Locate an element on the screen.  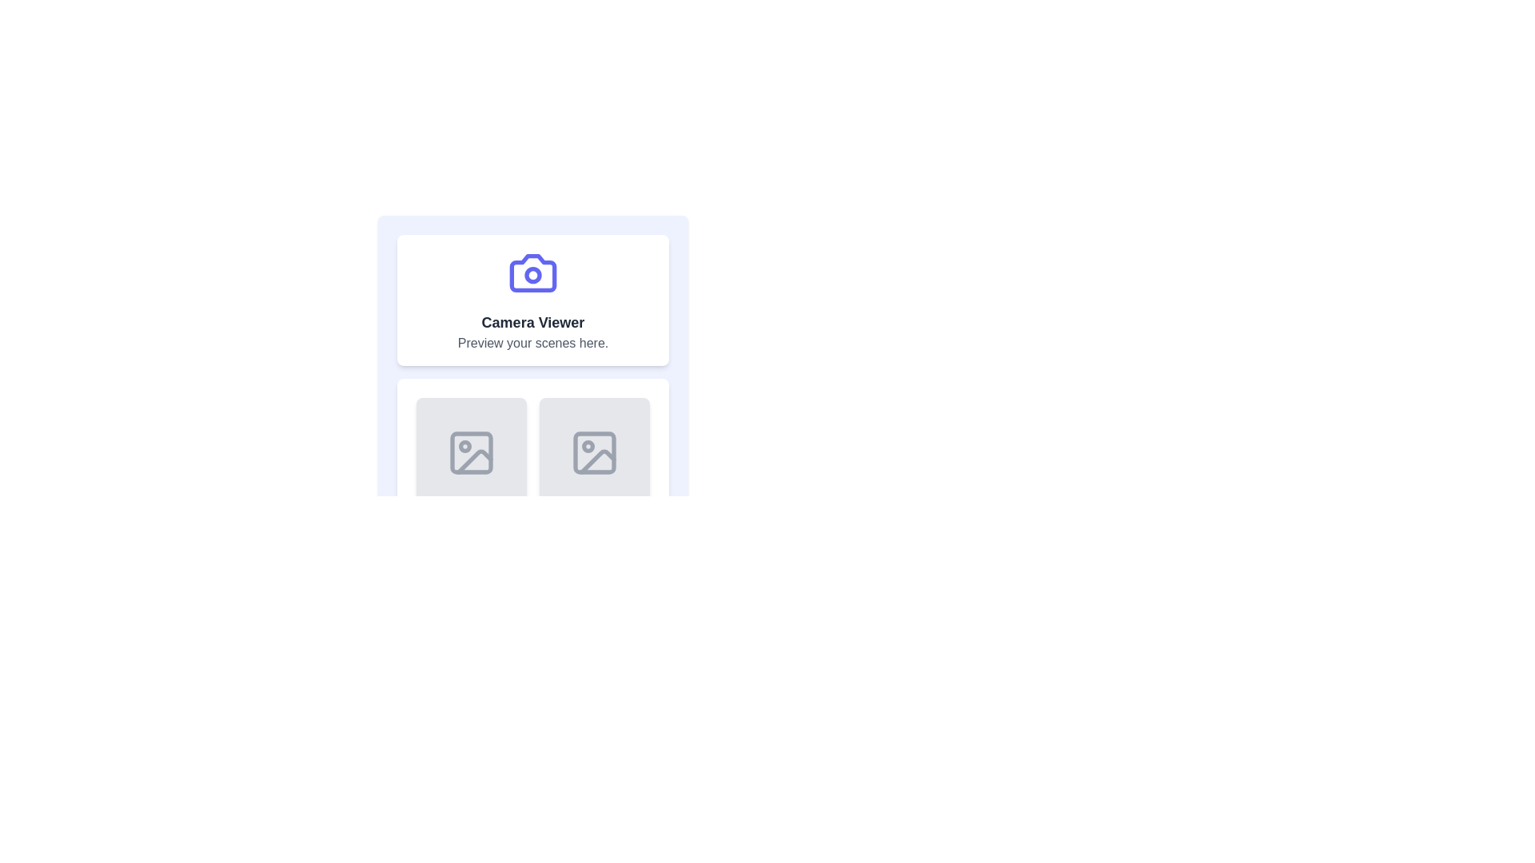
the small rectangular Graphic icon with rounded corners located within the bottom-left card under the 'Camera Viewer' section is located at coordinates (471, 453).